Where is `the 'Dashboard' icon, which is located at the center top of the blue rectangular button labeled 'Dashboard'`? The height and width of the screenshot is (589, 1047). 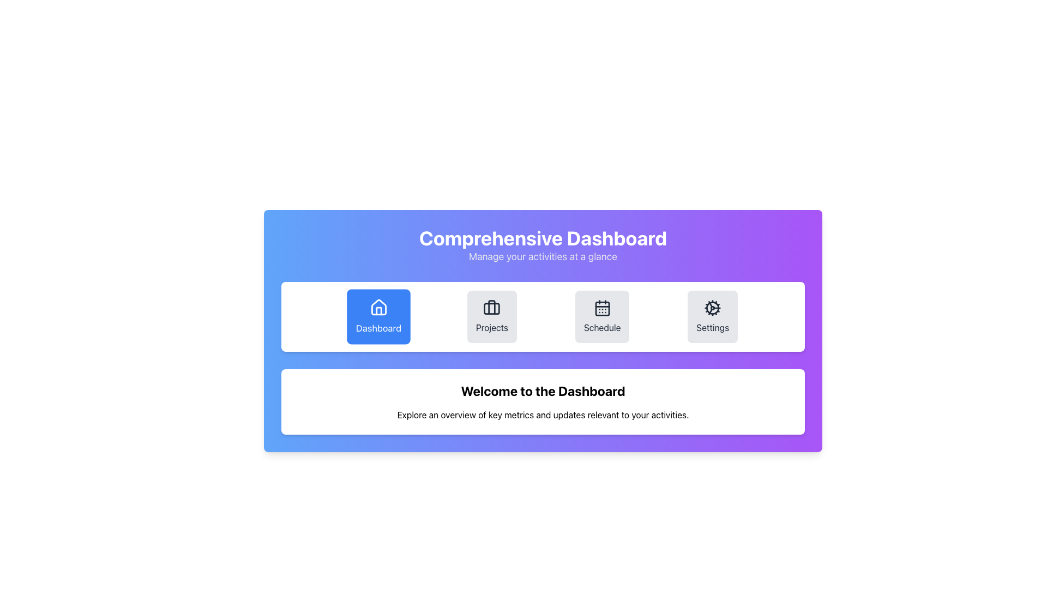
the 'Dashboard' icon, which is located at the center top of the blue rectangular button labeled 'Dashboard' is located at coordinates (378, 308).